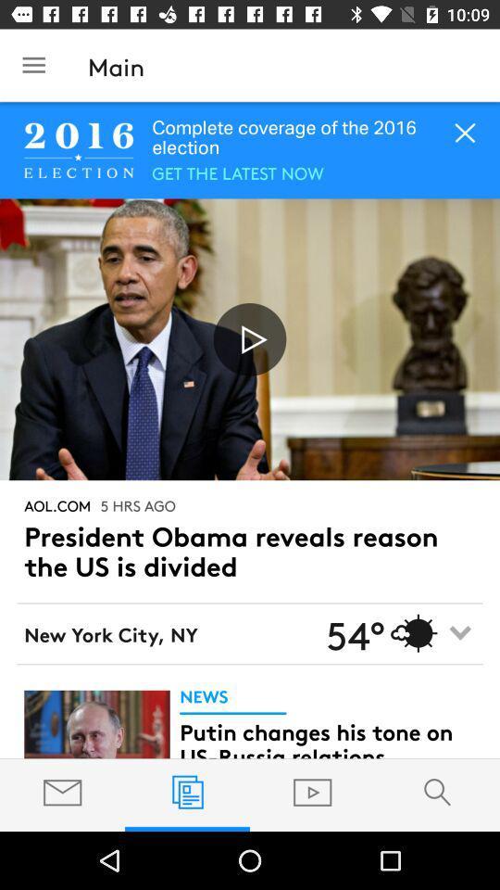 This screenshot has width=500, height=890. Describe the element at coordinates (96, 724) in the screenshot. I see `tap article option` at that location.